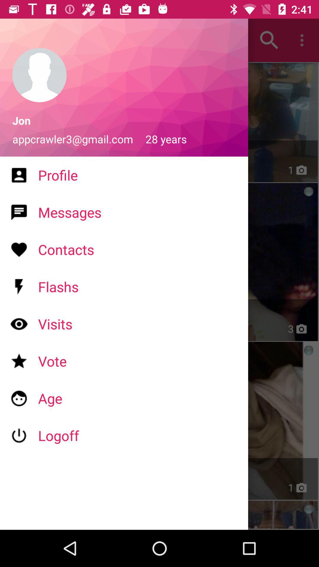 The image size is (319, 567). What do you see at coordinates (19, 361) in the screenshot?
I see `the icon which is left to the text vote` at bounding box center [19, 361].